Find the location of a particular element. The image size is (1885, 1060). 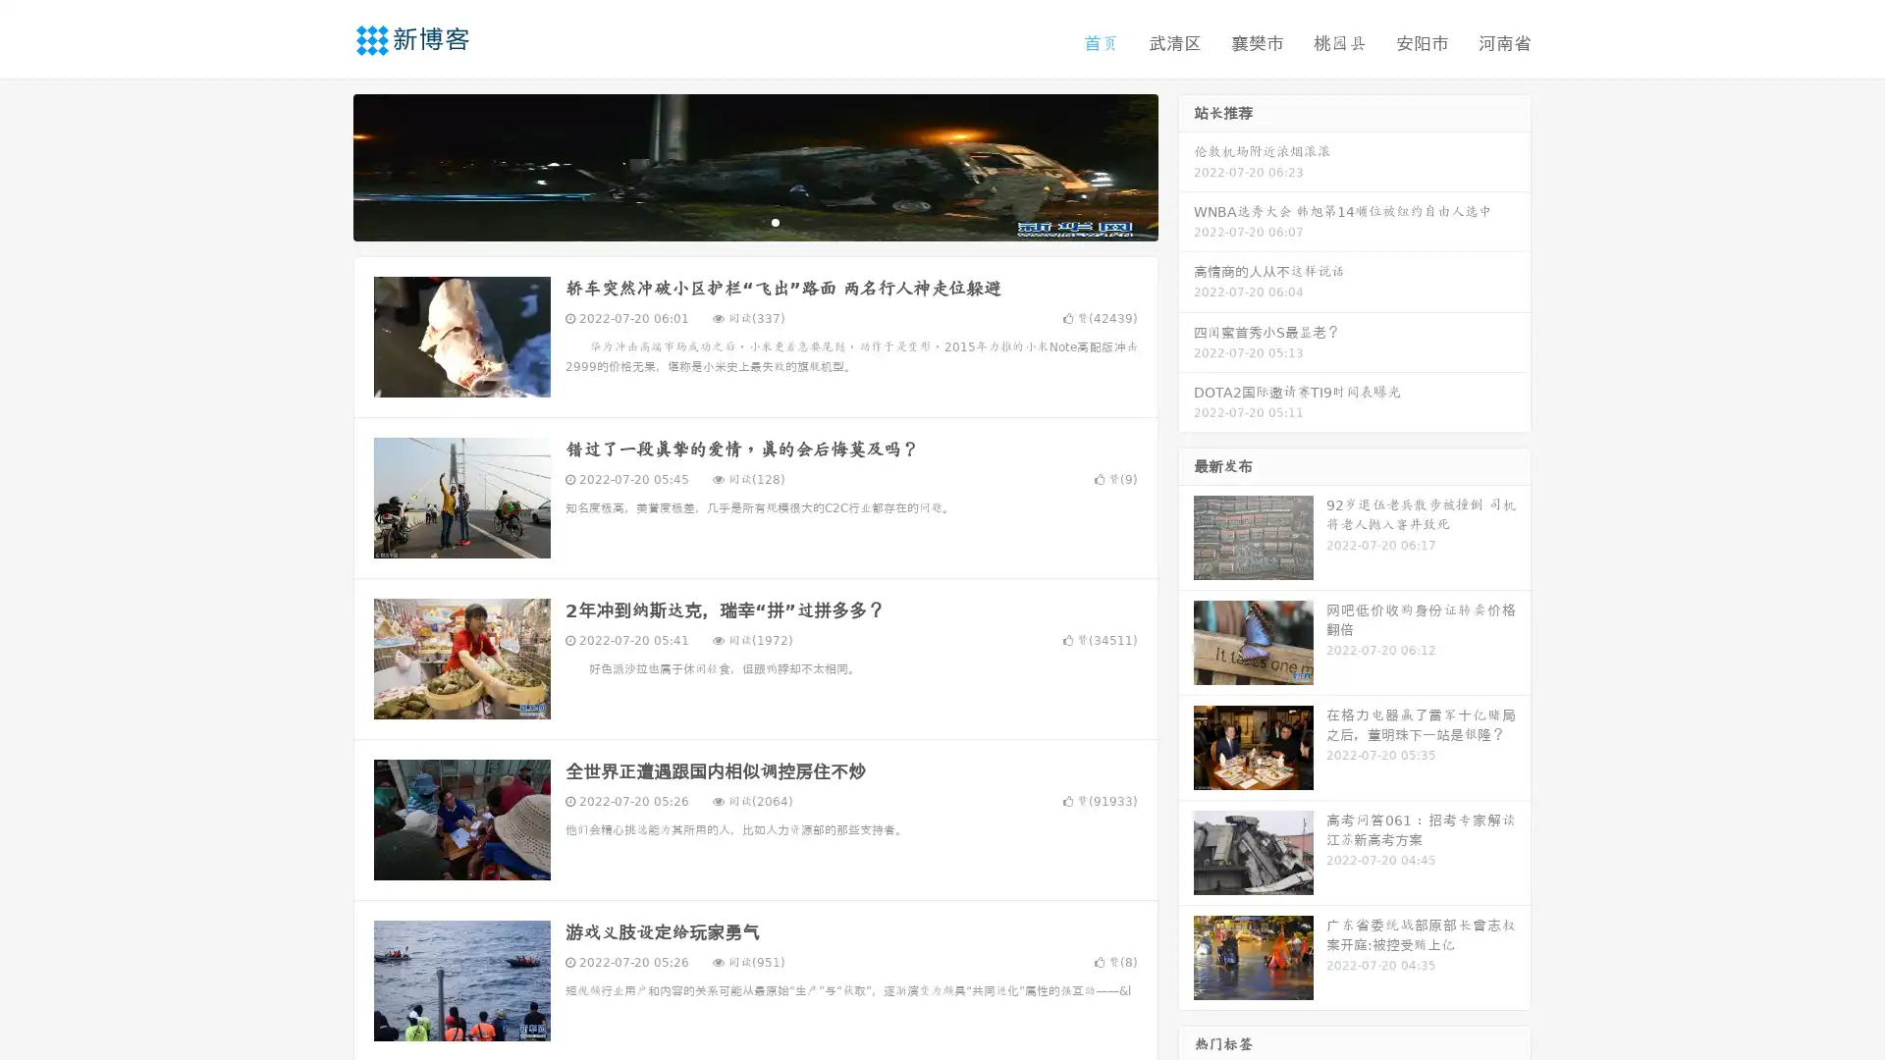

Next slide is located at coordinates (1186, 165).